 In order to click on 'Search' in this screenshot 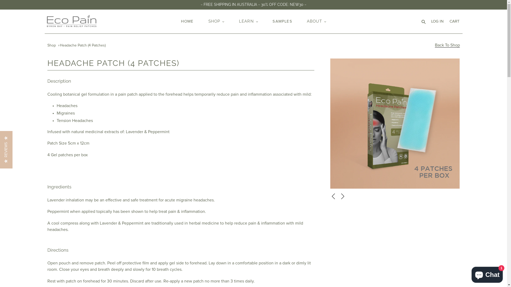, I will do `click(423, 21)`.